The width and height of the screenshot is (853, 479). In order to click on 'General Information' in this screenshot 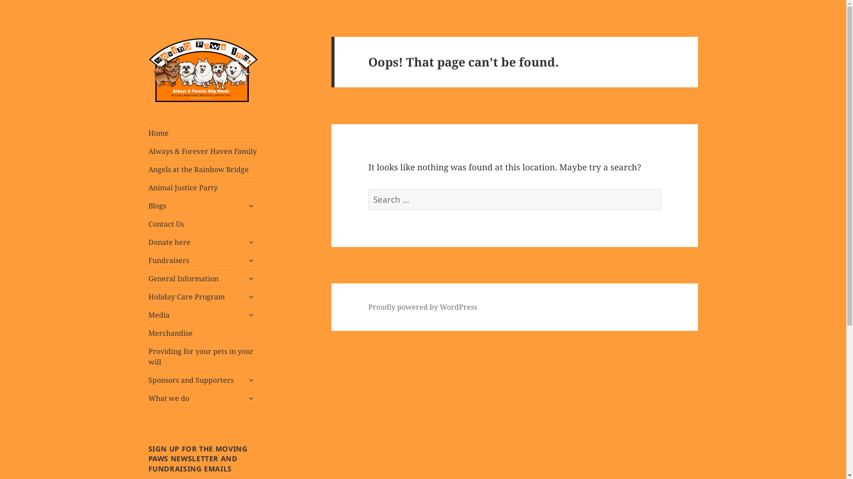, I will do `click(203, 278)`.